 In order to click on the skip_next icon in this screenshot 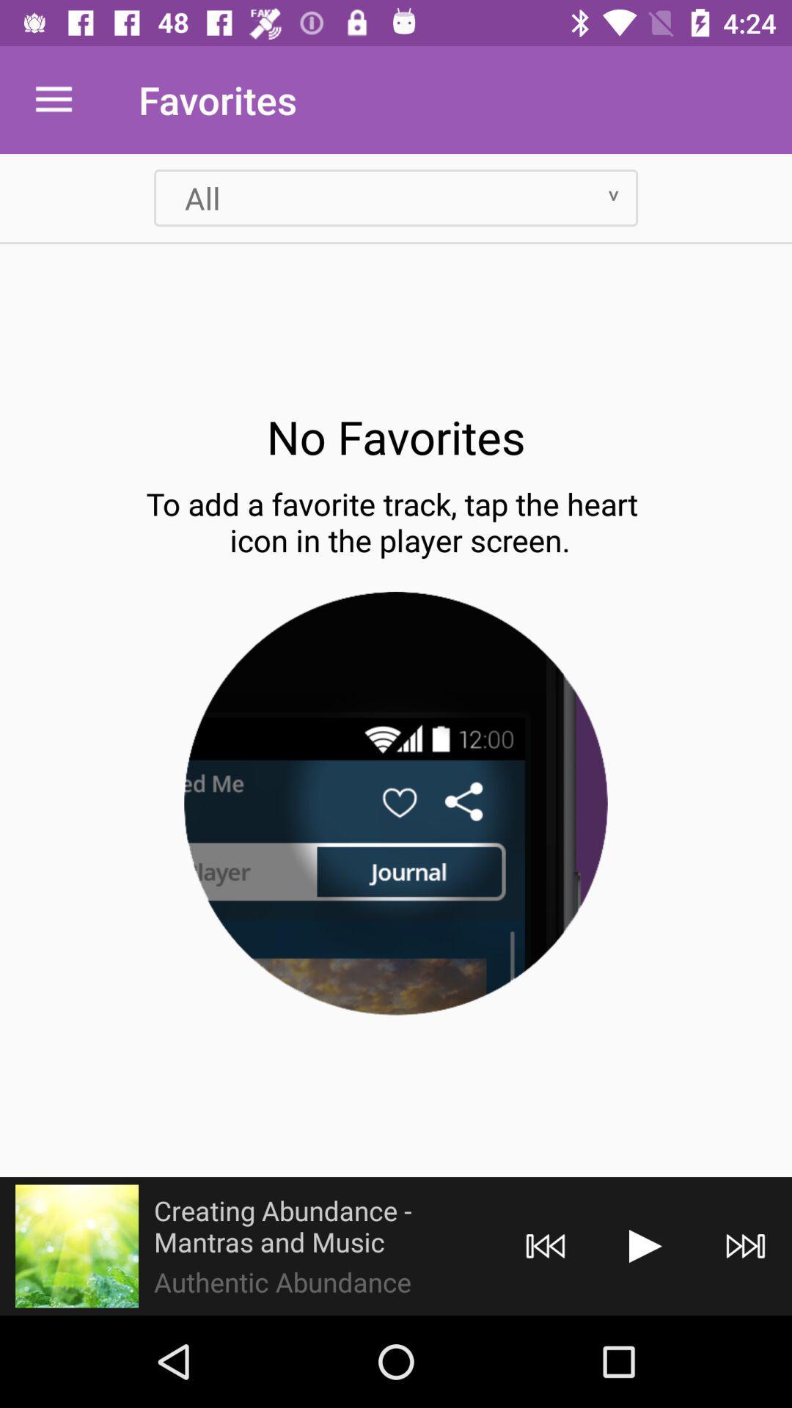, I will do `click(746, 1245)`.